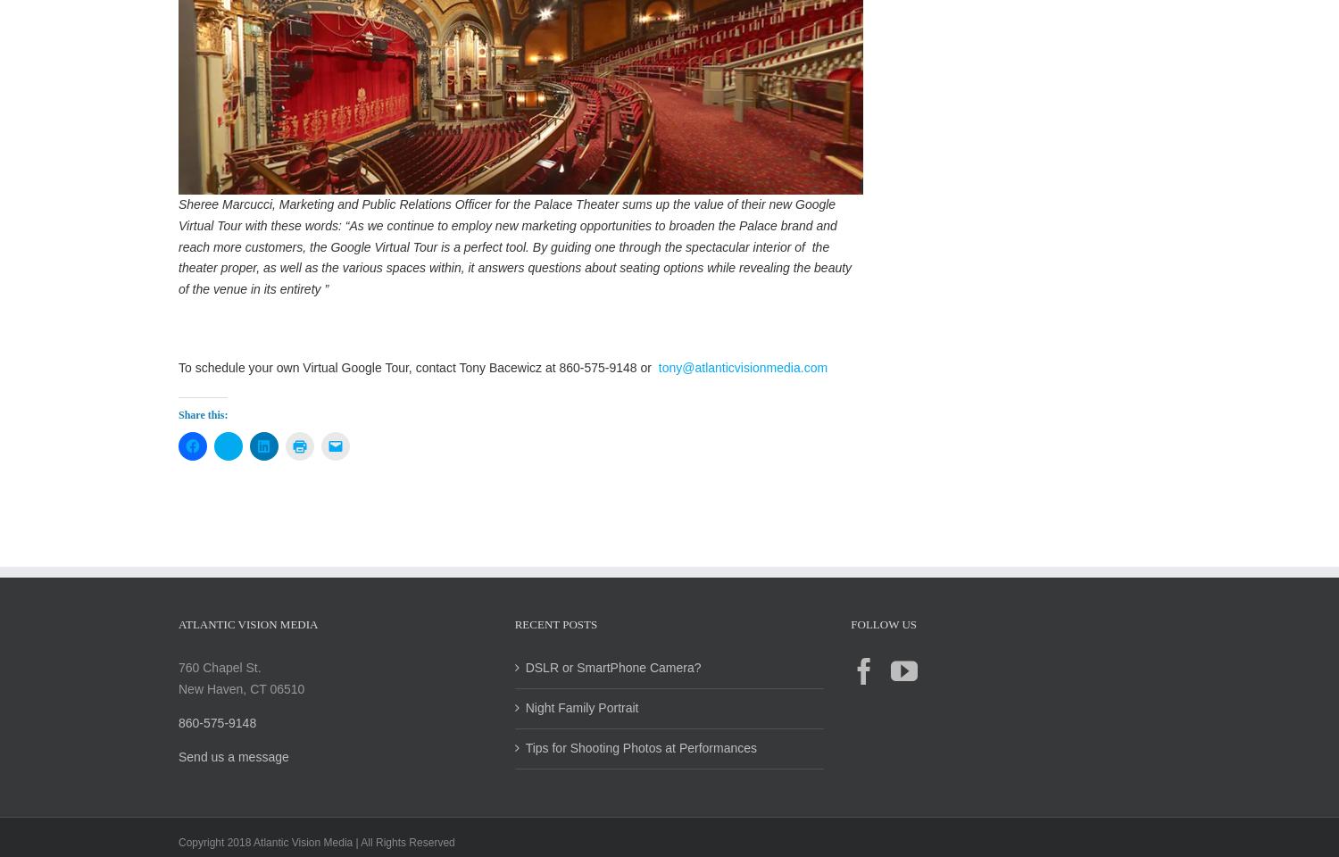 Image resolution: width=1339 pixels, height=857 pixels. What do you see at coordinates (202, 432) in the screenshot?
I see `'Share this:'` at bounding box center [202, 432].